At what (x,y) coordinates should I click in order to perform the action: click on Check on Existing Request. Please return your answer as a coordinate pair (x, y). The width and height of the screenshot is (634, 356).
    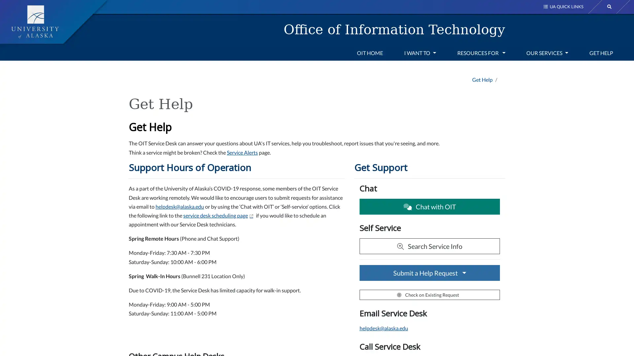
    Looking at the image, I should click on (429, 294).